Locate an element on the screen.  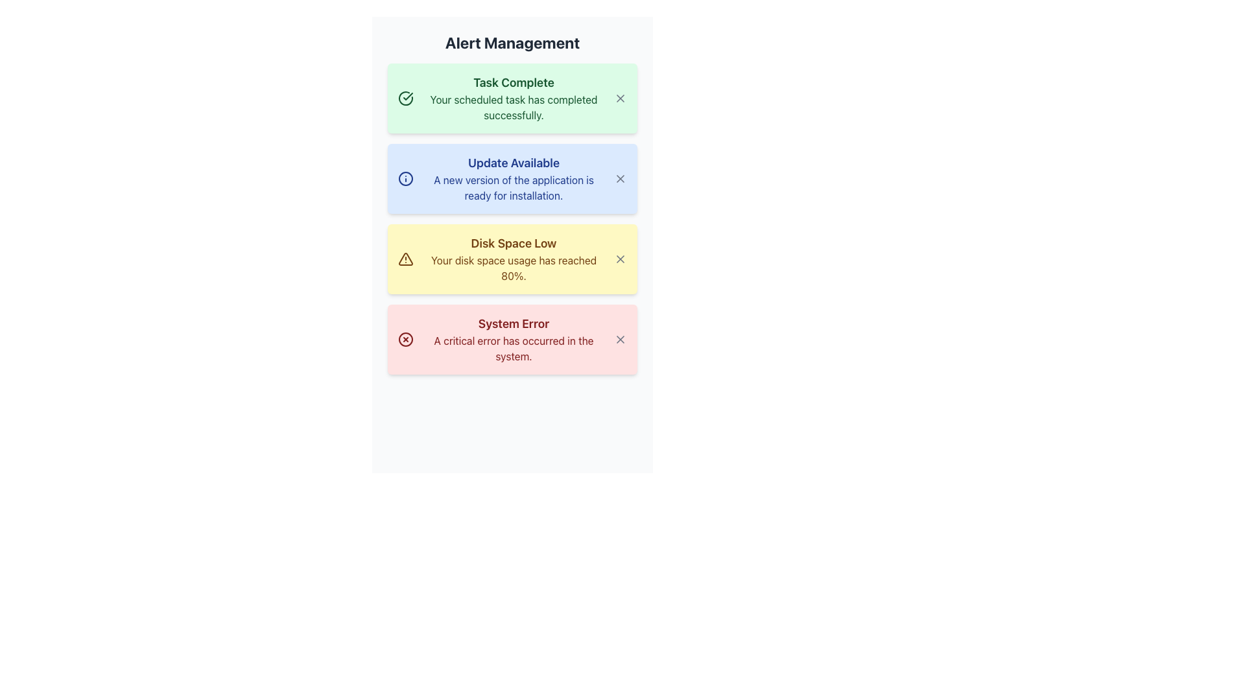
the circular information icon with a blue outline located in the notification card titled 'Update Available' by moving the cursor to its center is located at coordinates (405, 179).